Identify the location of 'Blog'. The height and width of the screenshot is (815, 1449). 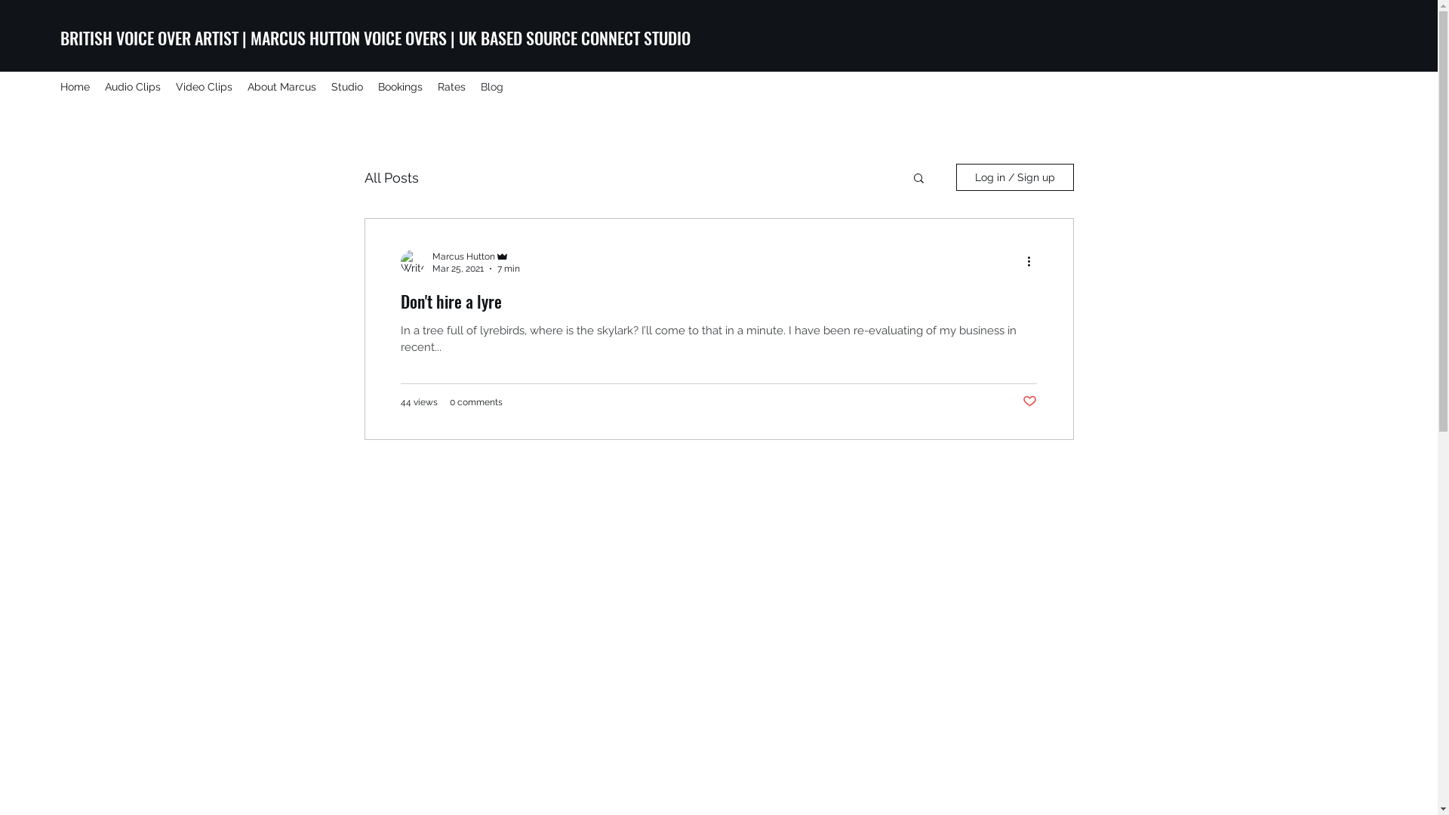
(492, 87).